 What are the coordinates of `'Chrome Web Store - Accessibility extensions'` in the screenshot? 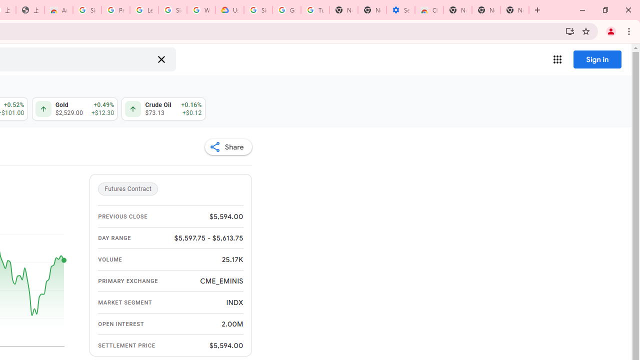 It's located at (429, 10).